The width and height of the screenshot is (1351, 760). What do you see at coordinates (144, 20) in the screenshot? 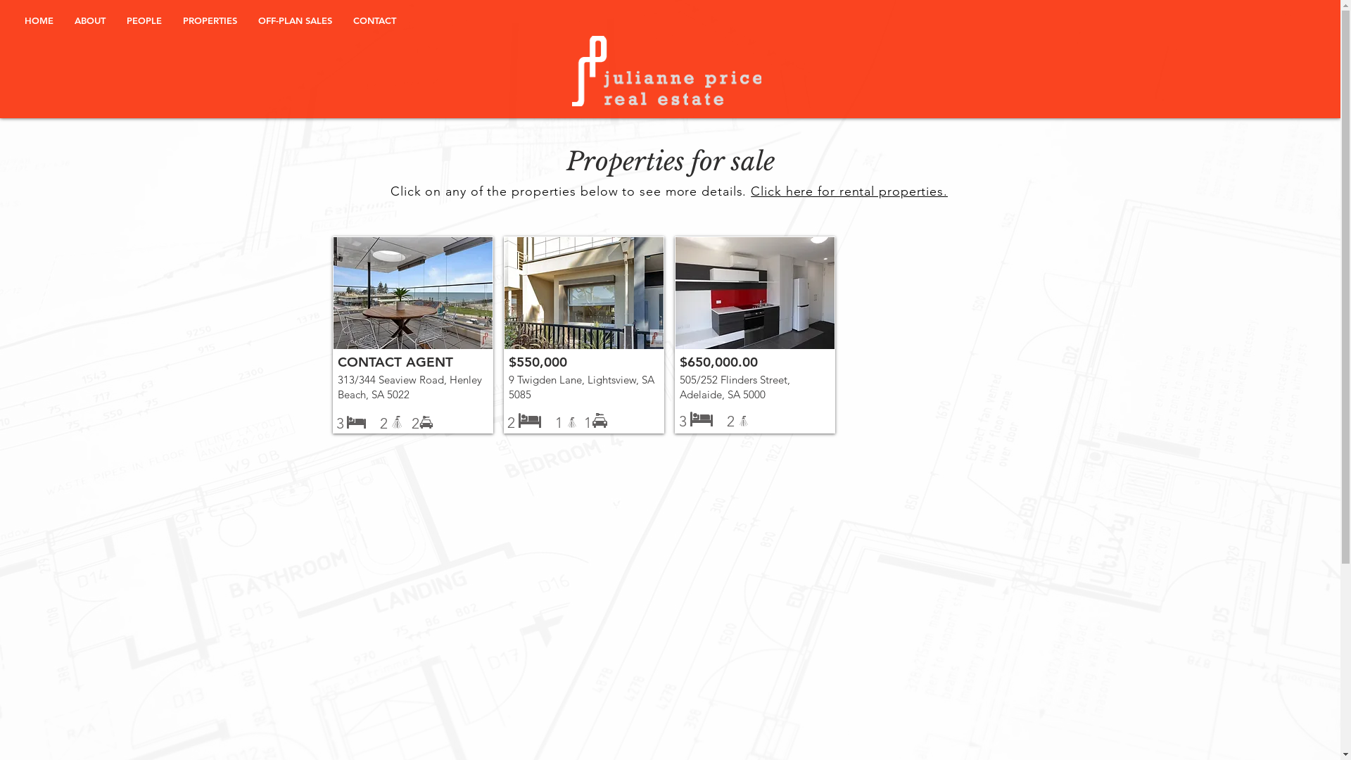
I see `'PEOPLE'` at bounding box center [144, 20].